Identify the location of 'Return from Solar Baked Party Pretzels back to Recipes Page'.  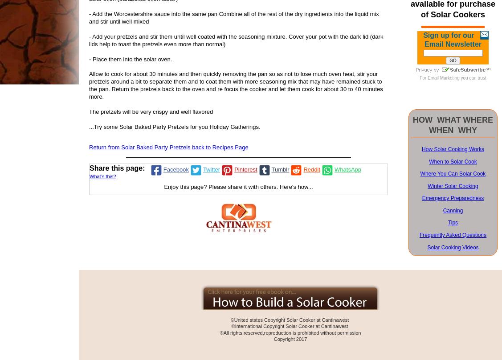
(168, 147).